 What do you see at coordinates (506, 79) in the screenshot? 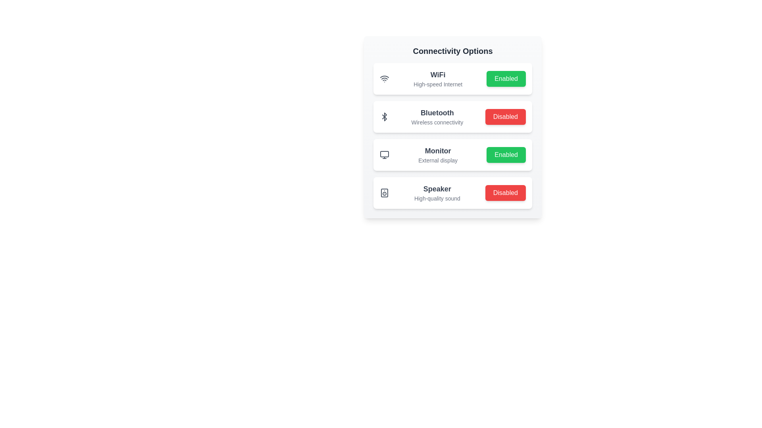
I see `the button to toggle the state of the WiFi feature` at bounding box center [506, 79].